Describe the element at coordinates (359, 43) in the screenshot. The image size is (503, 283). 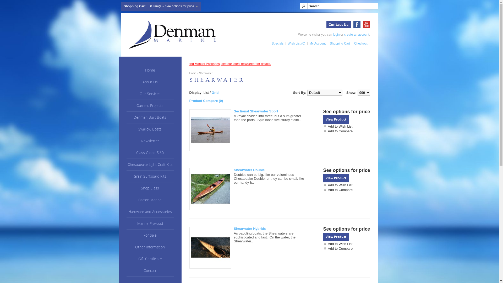
I see `'Checkout'` at that location.